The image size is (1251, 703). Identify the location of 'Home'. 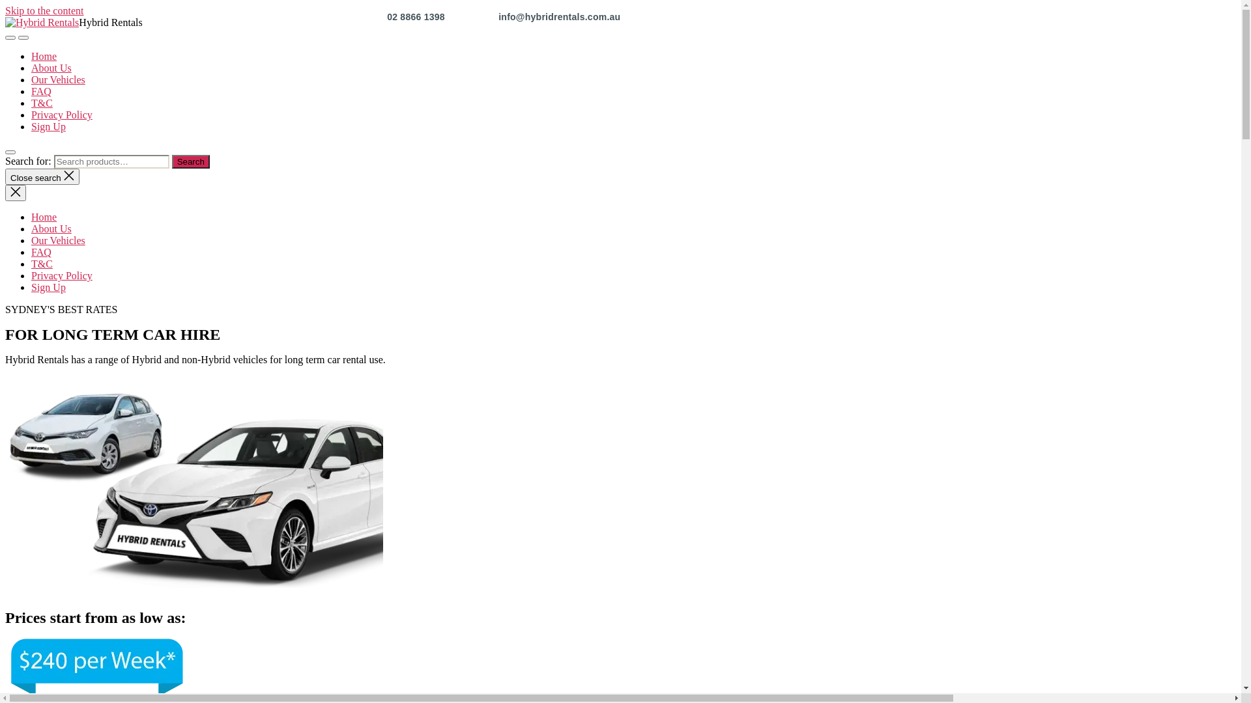
(44, 55).